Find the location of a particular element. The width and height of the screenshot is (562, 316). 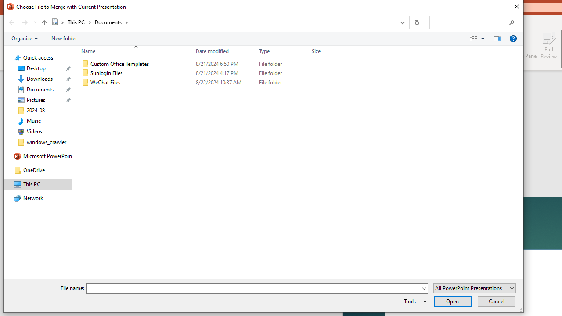

'Date modified' is located at coordinates (225, 51).